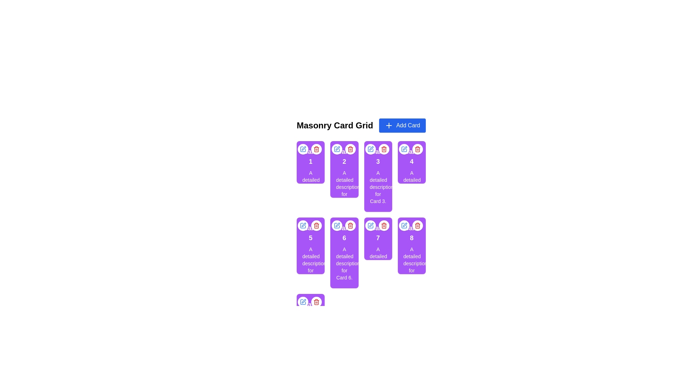 The image size is (679, 382). What do you see at coordinates (370, 225) in the screenshot?
I see `the 'edit' icon within the interactive button located in the top left corner of the card labeled '1'` at bounding box center [370, 225].